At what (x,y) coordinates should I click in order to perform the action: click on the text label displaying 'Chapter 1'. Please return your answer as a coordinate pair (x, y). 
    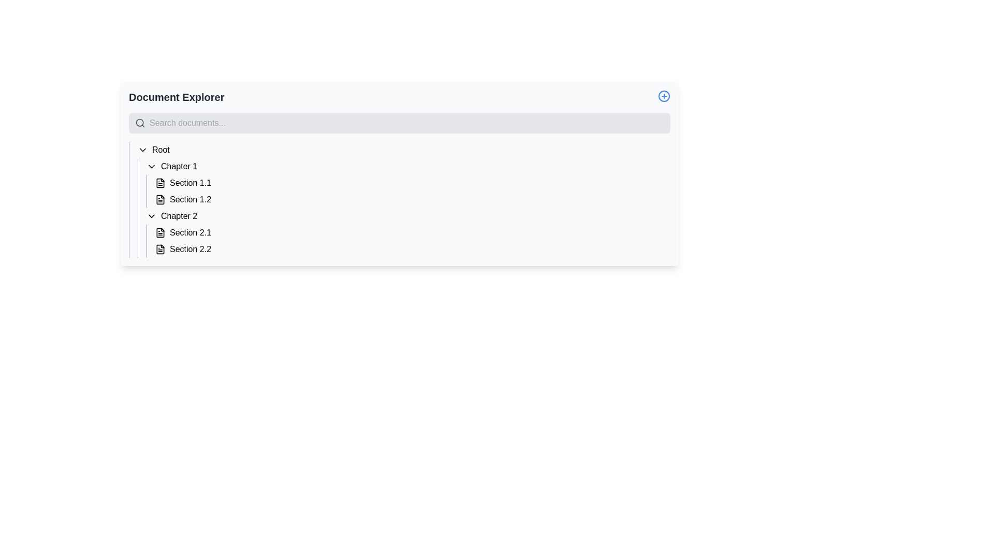
    Looking at the image, I should click on (179, 166).